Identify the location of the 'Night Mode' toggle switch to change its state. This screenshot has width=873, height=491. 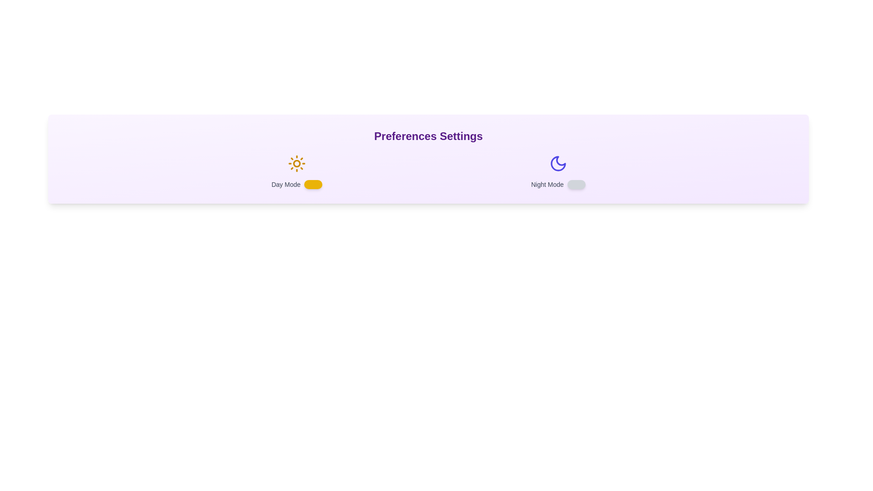
(576, 184).